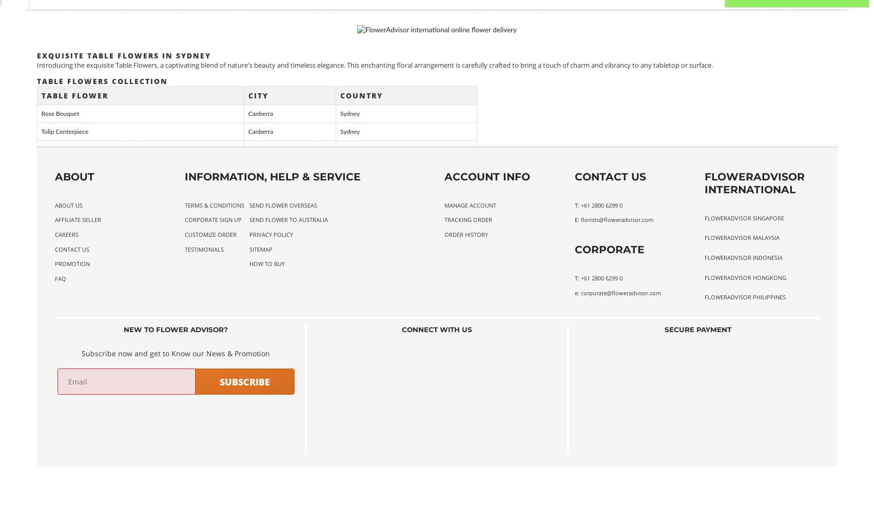  What do you see at coordinates (184, 248) in the screenshot?
I see `'Testimonials'` at bounding box center [184, 248].